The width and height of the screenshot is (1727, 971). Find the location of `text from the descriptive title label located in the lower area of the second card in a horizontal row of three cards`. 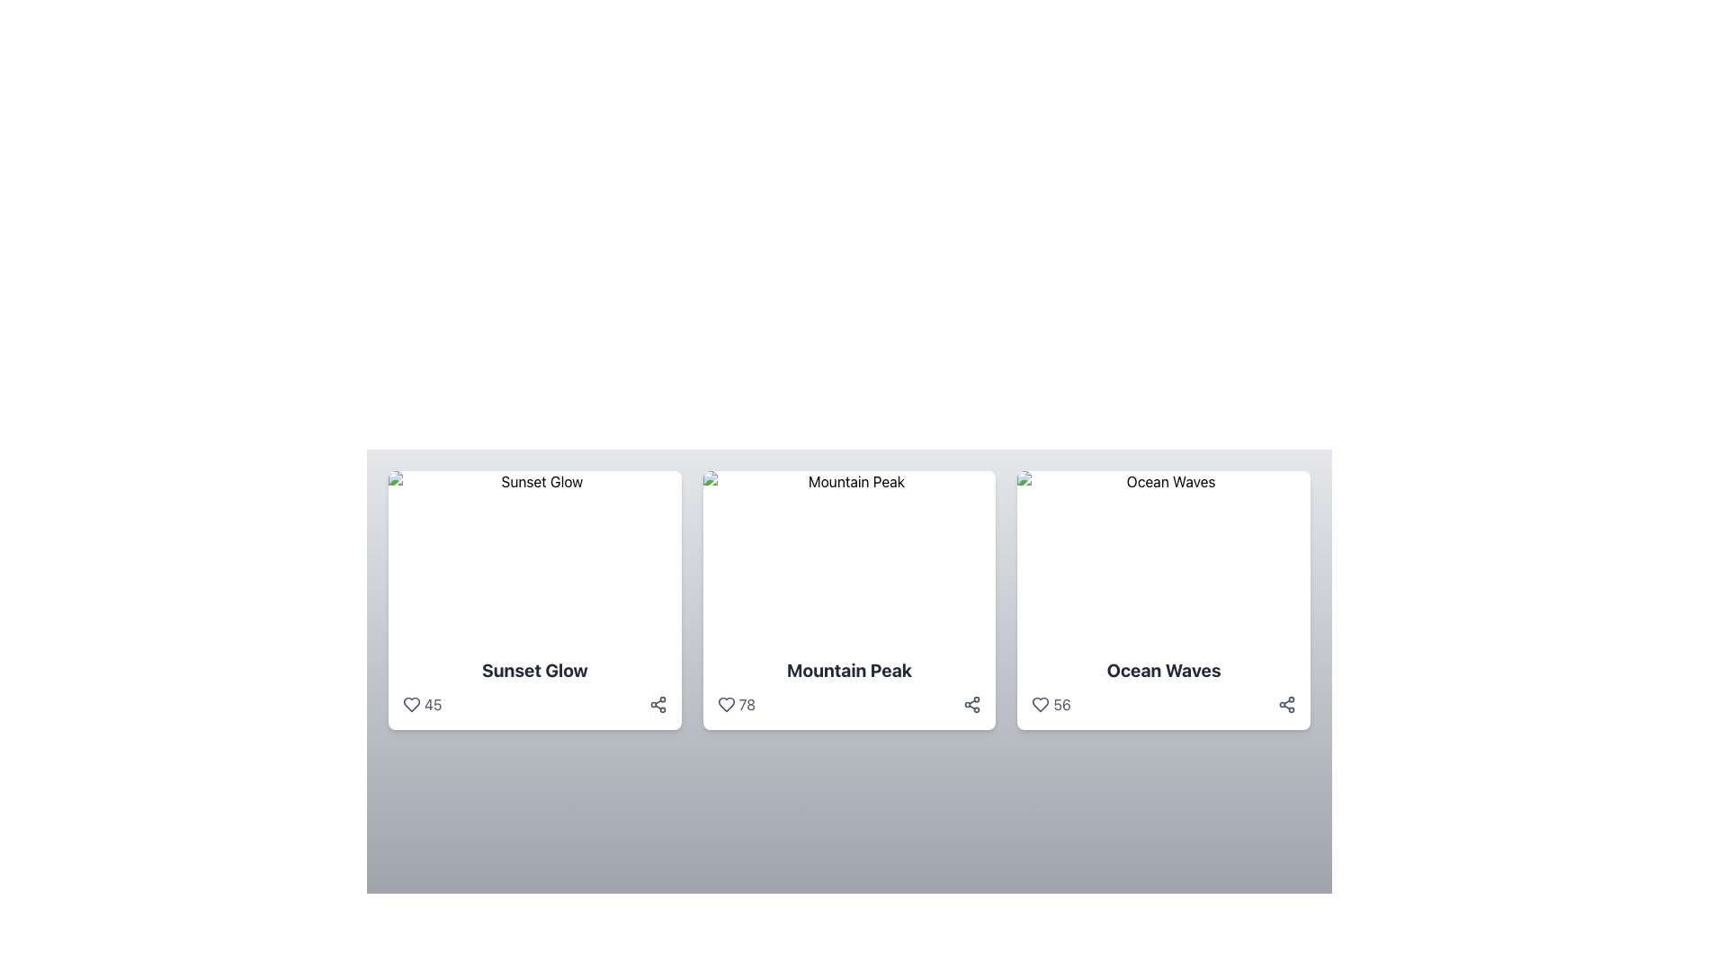

text from the descriptive title label located in the lower area of the second card in a horizontal row of three cards is located at coordinates (848, 670).